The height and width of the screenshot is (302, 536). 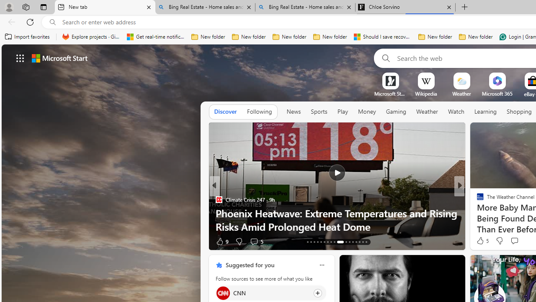 I want to click on 'CNN', so click(x=223, y=292).